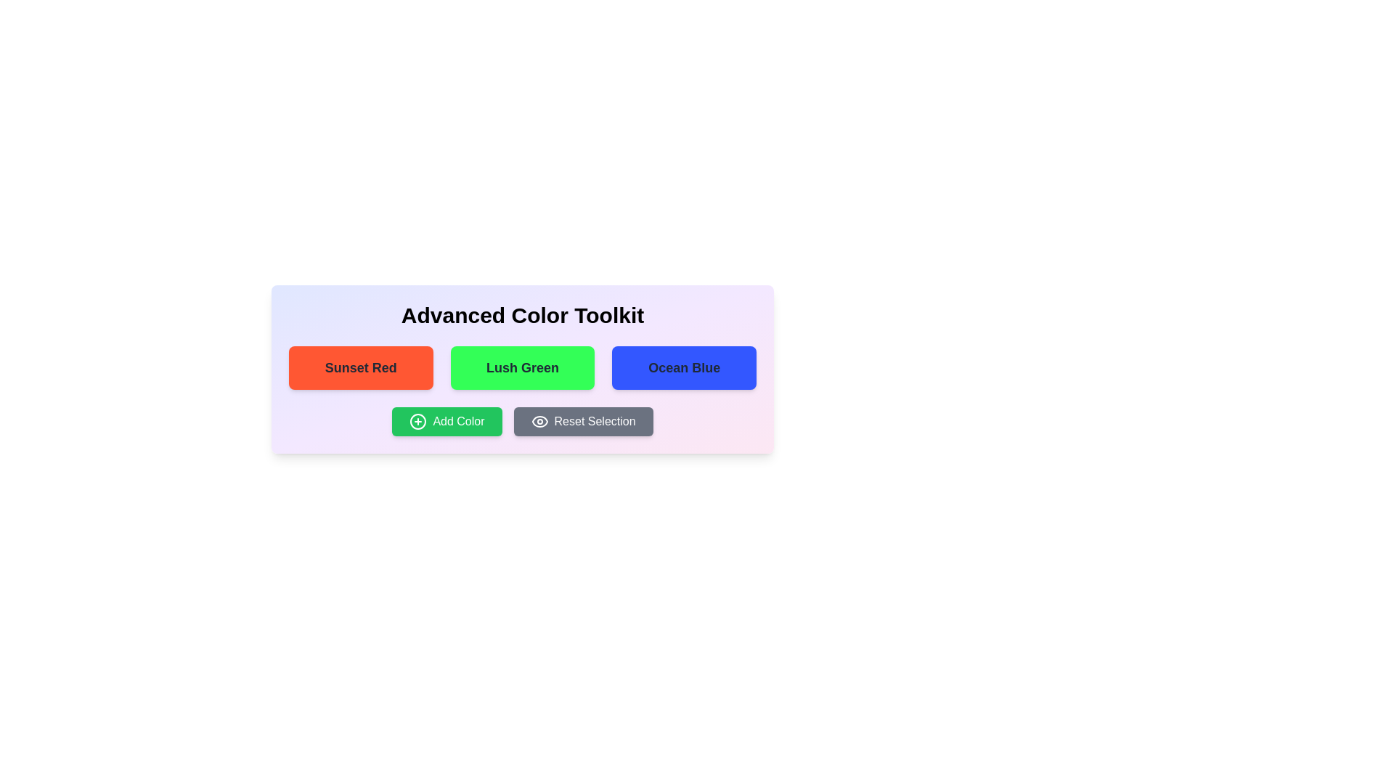 The image size is (1394, 784). I want to click on the circular graphical component of the plus icon located at the center of the 'Add Color' button, so click(417, 422).